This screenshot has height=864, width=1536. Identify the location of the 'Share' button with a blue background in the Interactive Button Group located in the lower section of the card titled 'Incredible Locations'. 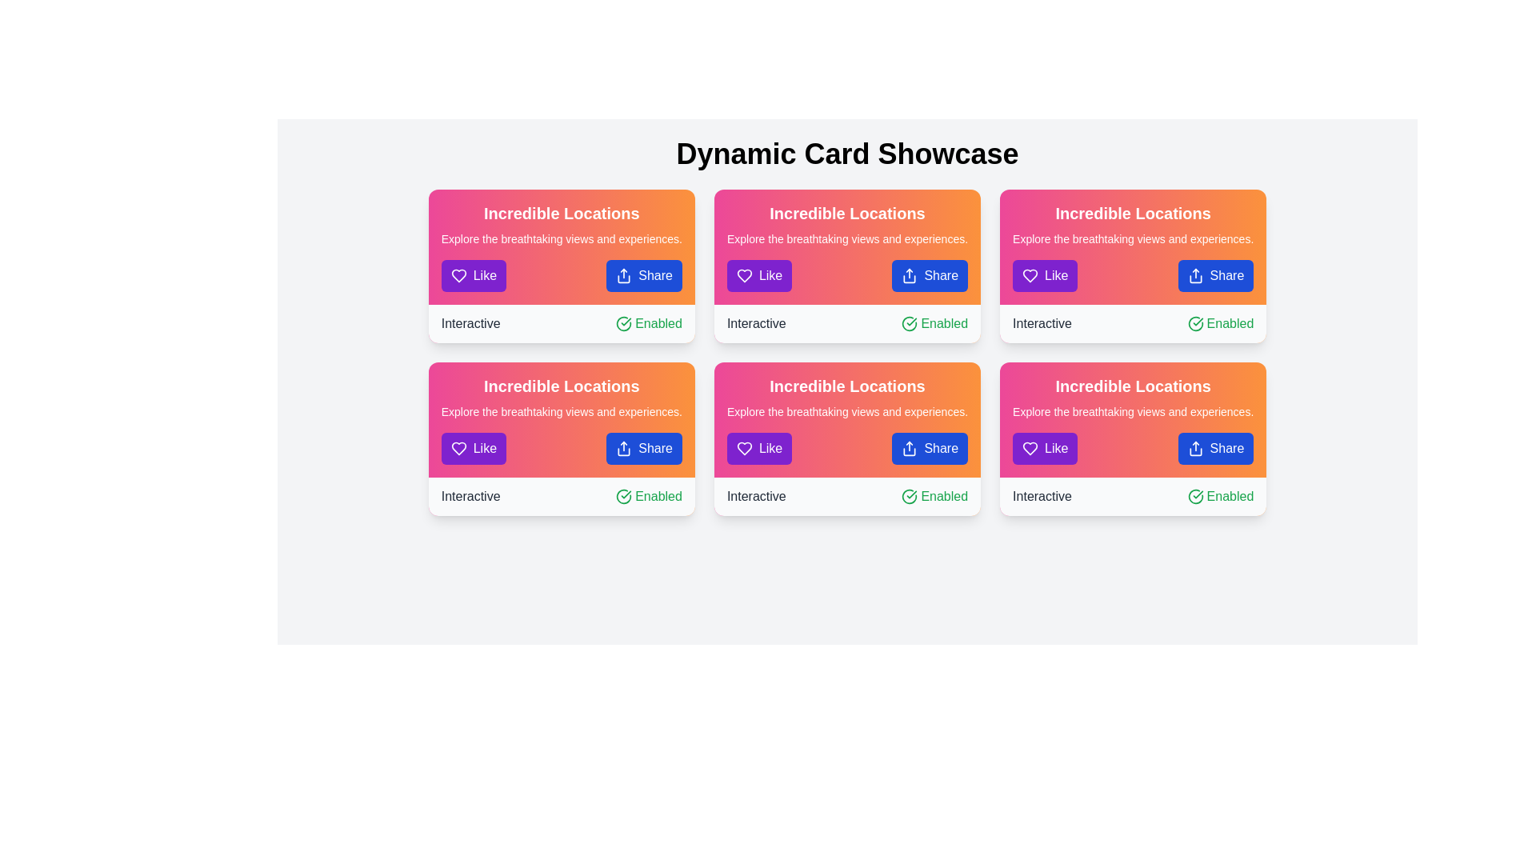
(1132, 448).